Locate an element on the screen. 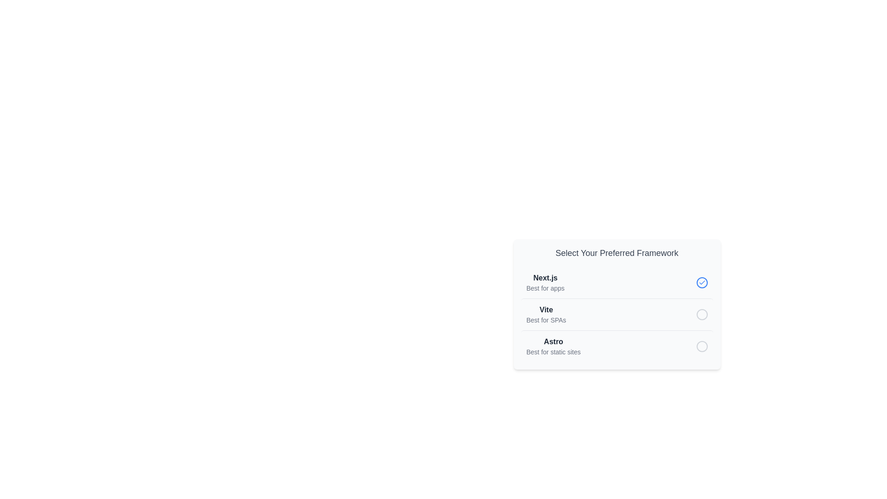 The height and width of the screenshot is (499, 887). the 'Next.js' text label located at the top of the framework options card is located at coordinates (545, 277).